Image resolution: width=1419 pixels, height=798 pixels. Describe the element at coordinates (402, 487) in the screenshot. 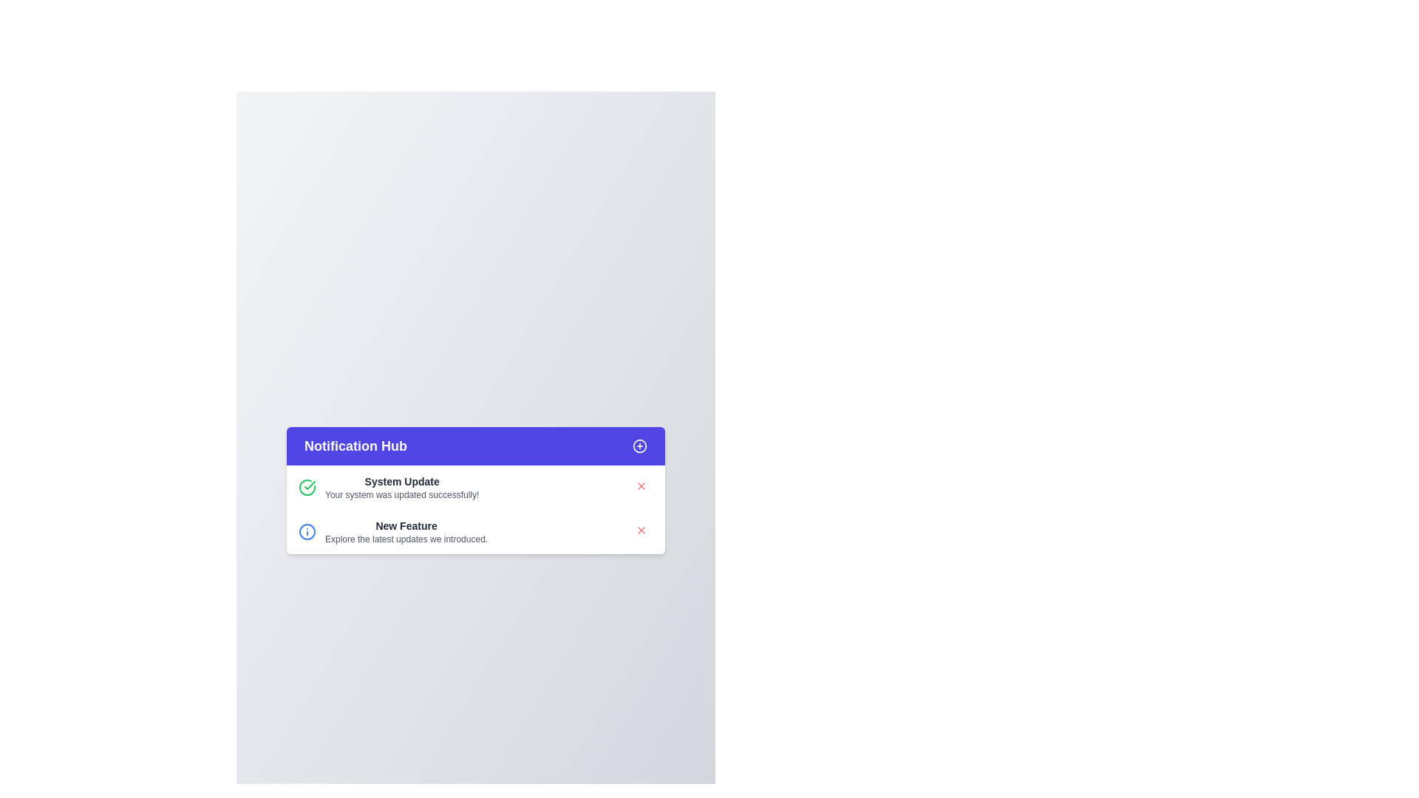

I see `the text element that contains the header 'System Update' and the subtext 'Your system was updated successfully!' to read the details` at that location.